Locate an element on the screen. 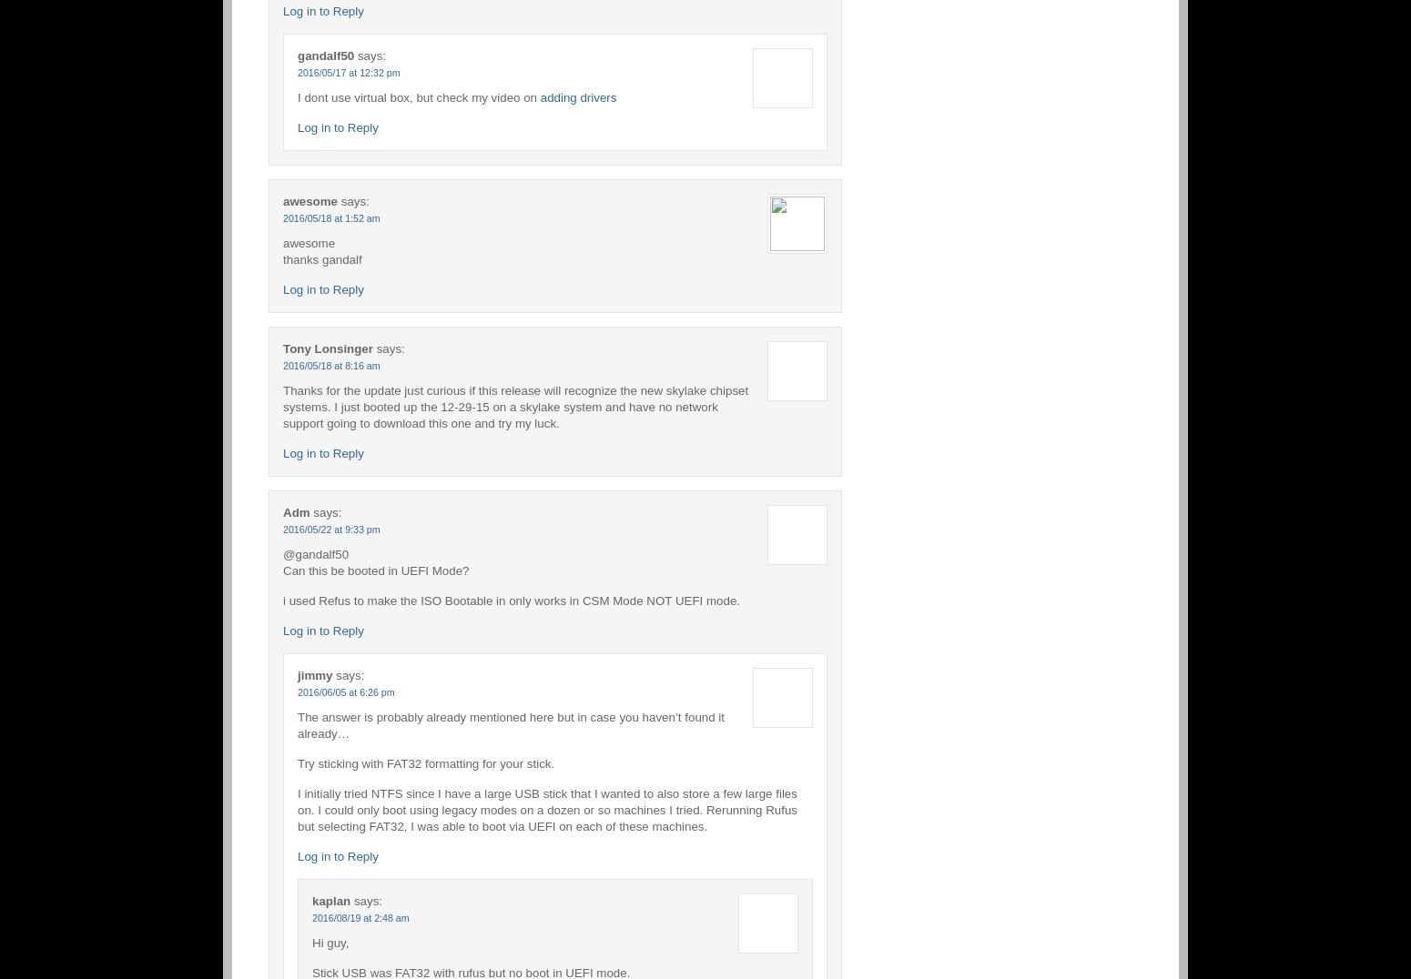 This screenshot has height=979, width=1411. 'I initially tried NTFS since I have a large USB stick that I wanted to also store a few large files on.  I could only boot using legacy modes on a dozen or so machines I tried.  Rerunning Rufus but selecting FAT32, I was able to boot via UEFI on each of these machines.' is located at coordinates (297, 809).